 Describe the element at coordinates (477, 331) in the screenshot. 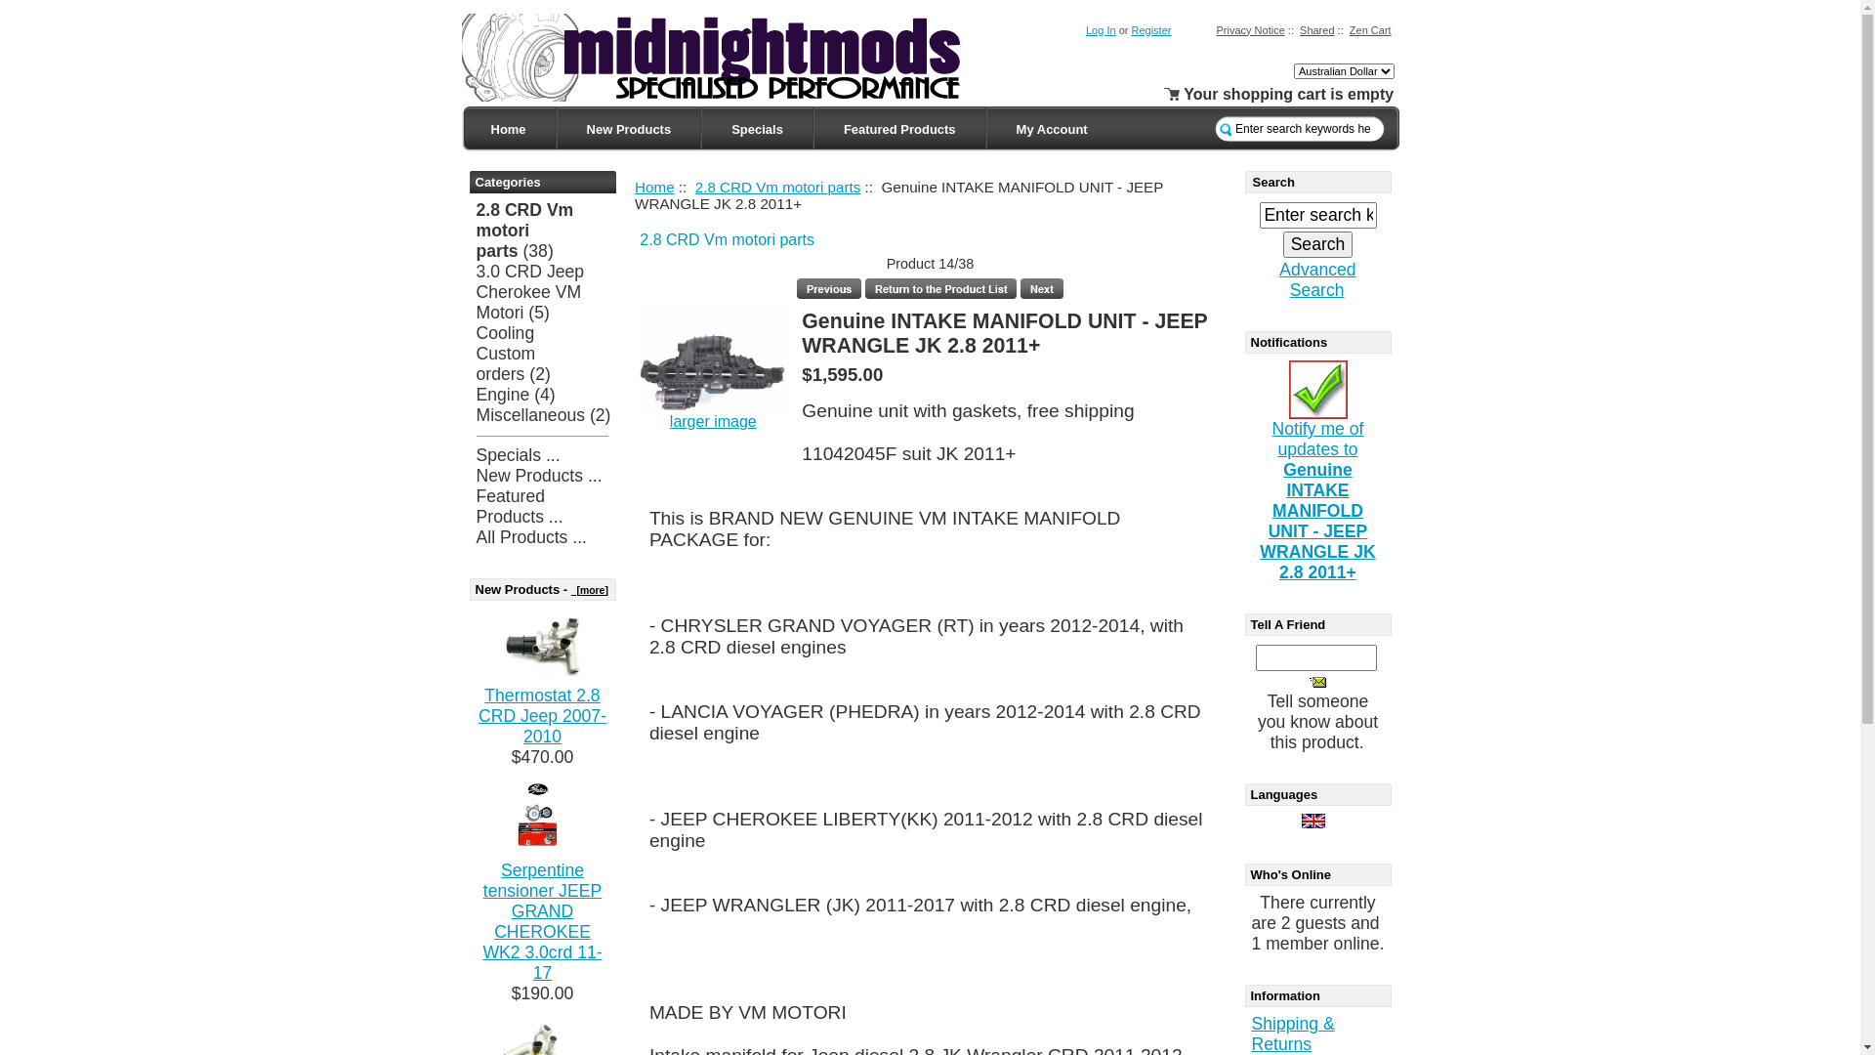

I see `'Cooling'` at that location.